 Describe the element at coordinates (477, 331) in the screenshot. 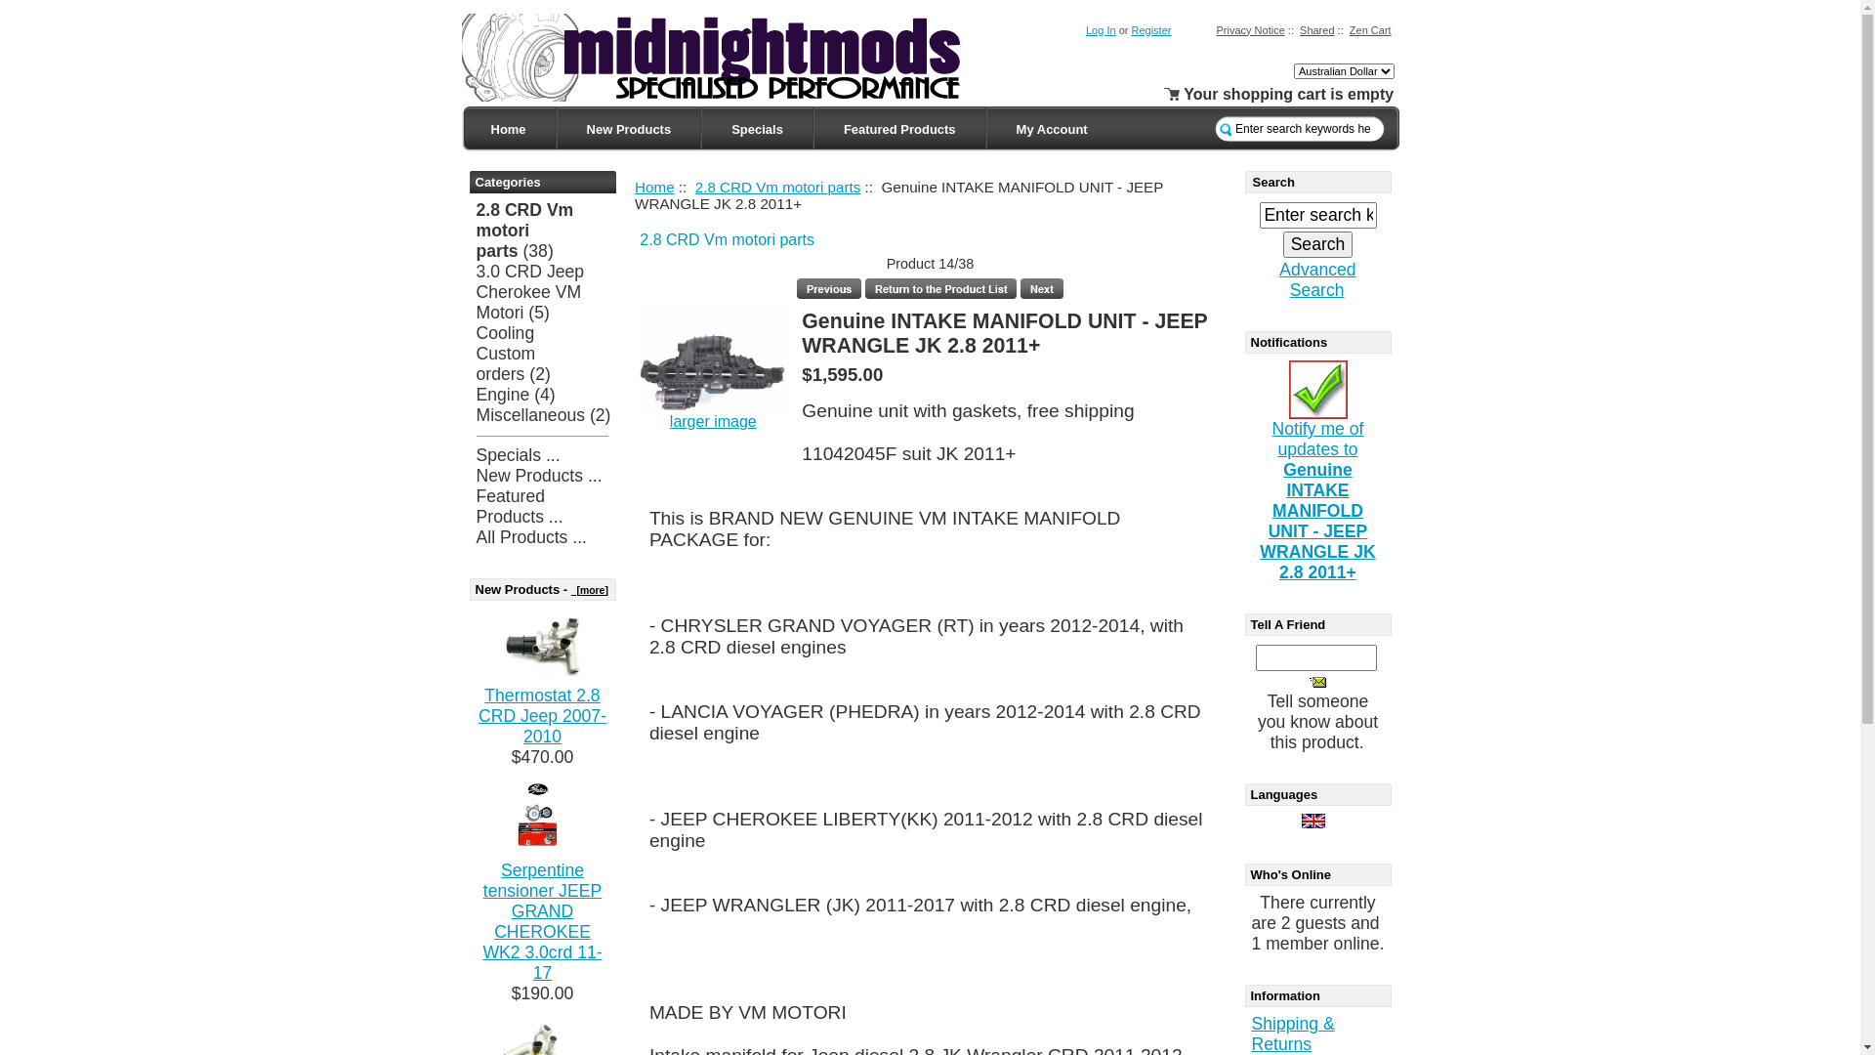

I see `'Cooling'` at that location.